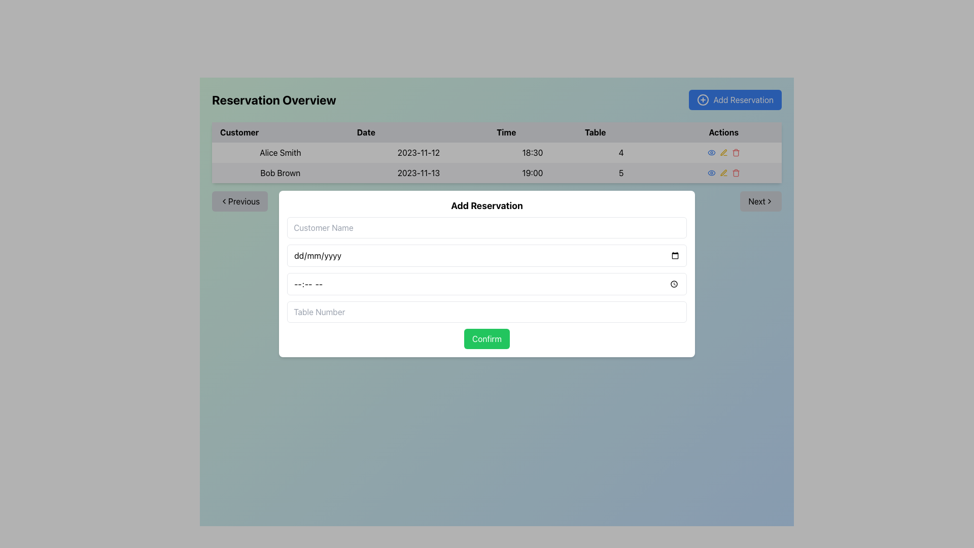  What do you see at coordinates (723, 172) in the screenshot?
I see `the pen-shaped icon button in the 'Actions' column of the second row in the reservations table` at bounding box center [723, 172].